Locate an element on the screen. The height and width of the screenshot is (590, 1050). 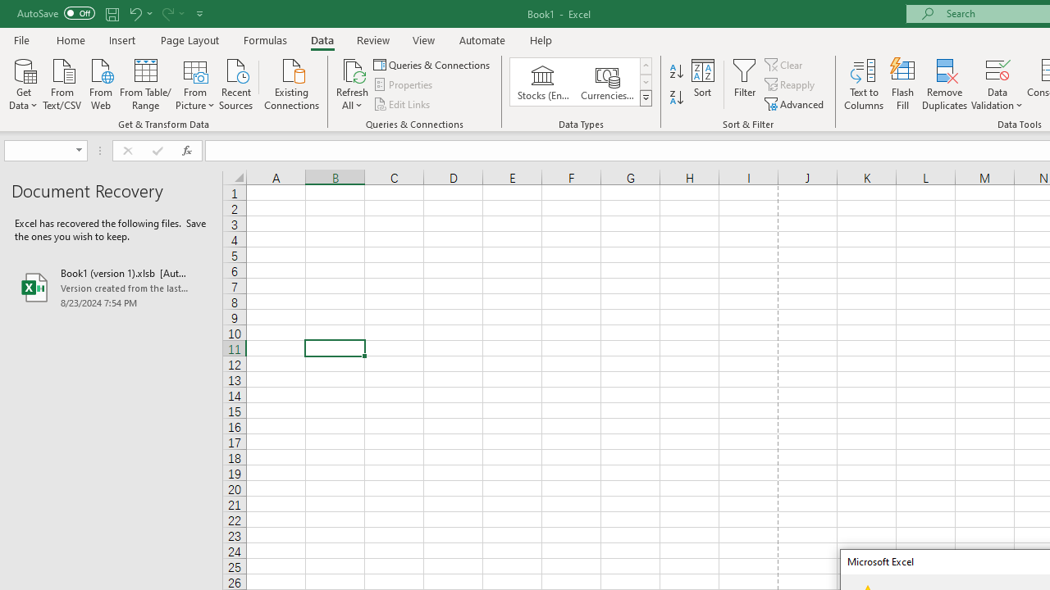
'Refresh All' is located at coordinates (352, 84).